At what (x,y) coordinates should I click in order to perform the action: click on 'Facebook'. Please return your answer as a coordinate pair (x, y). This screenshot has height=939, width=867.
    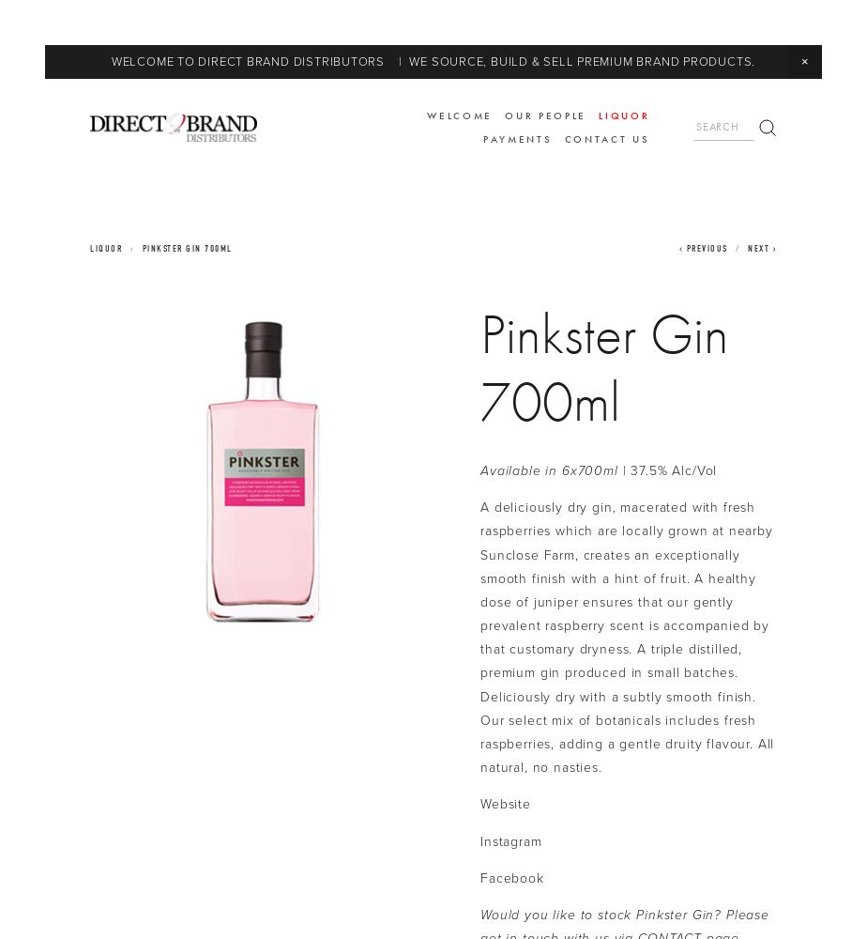
    Looking at the image, I should click on (511, 877).